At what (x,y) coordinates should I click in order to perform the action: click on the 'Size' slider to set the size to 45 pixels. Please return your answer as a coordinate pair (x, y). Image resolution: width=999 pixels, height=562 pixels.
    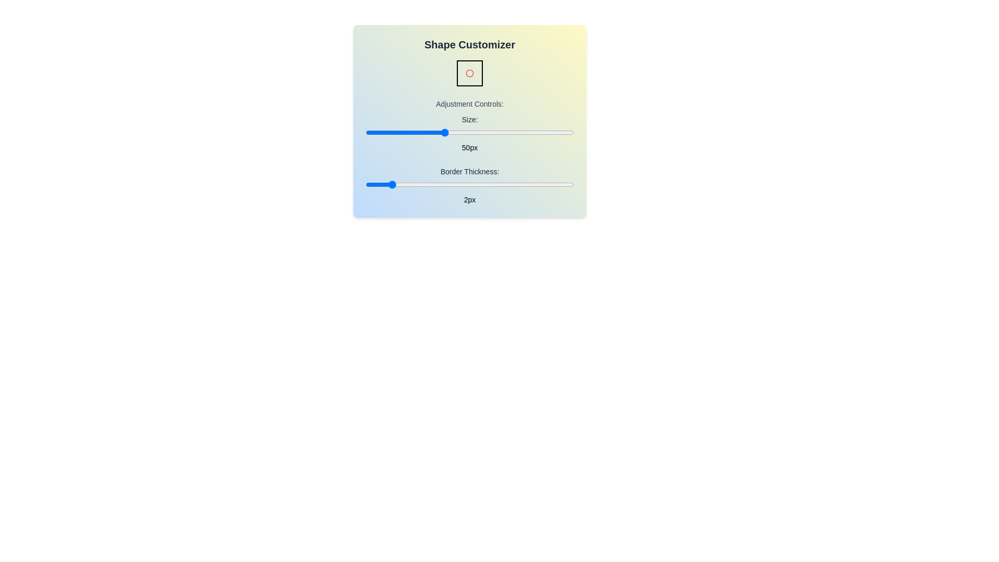
    Looking at the image, I should click on (431, 132).